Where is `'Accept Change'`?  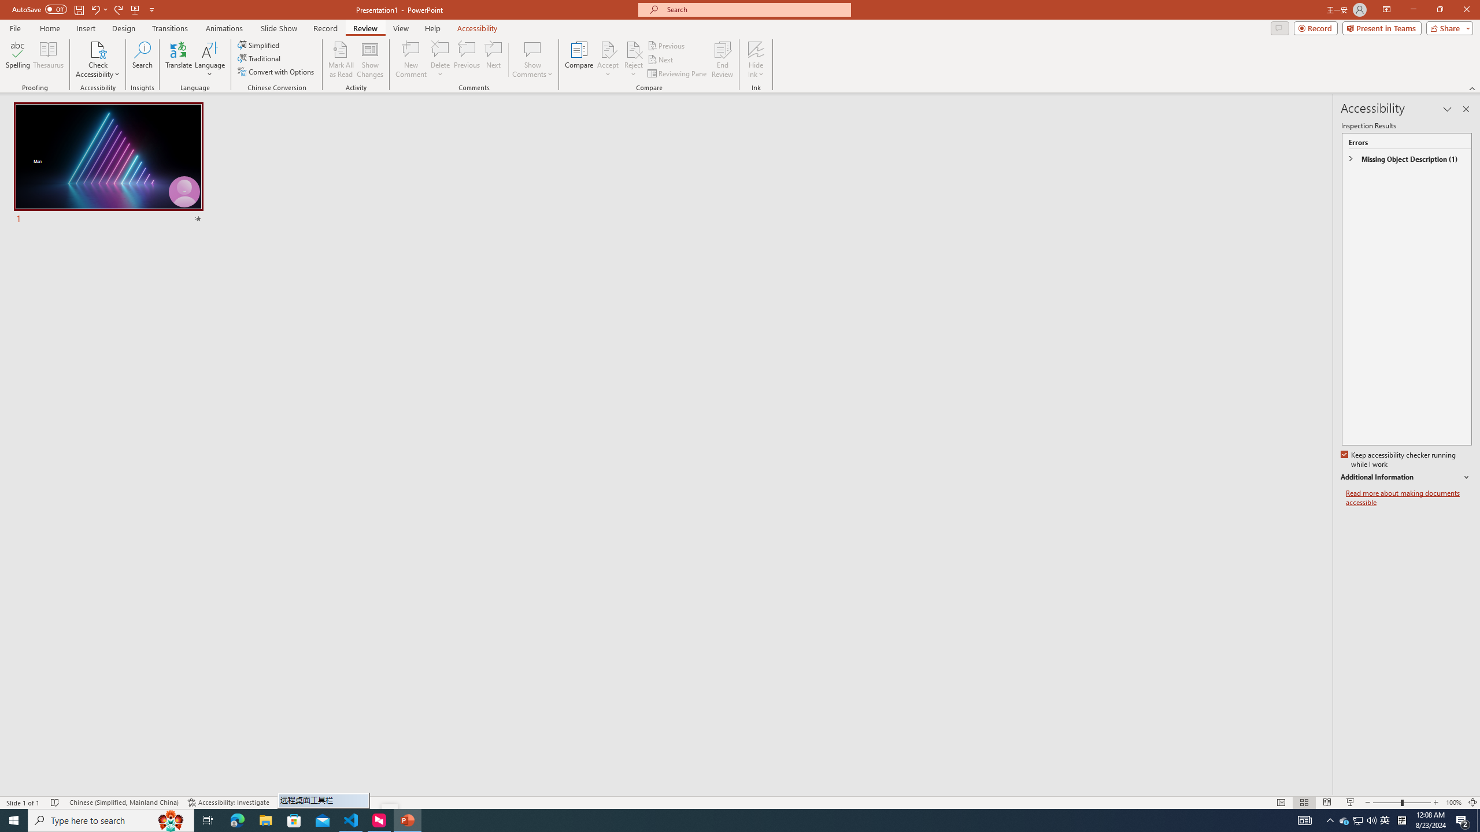
'Accept Change' is located at coordinates (608, 49).